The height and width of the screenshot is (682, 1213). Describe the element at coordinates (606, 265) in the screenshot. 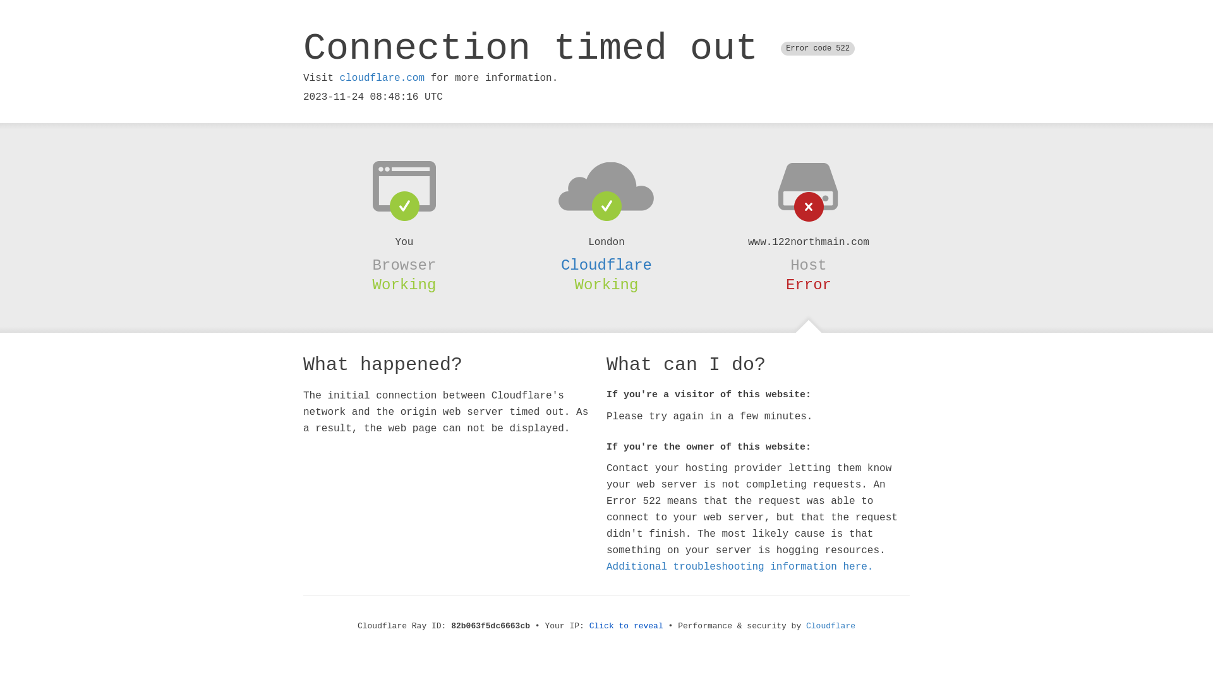

I see `'Cloudflare'` at that location.